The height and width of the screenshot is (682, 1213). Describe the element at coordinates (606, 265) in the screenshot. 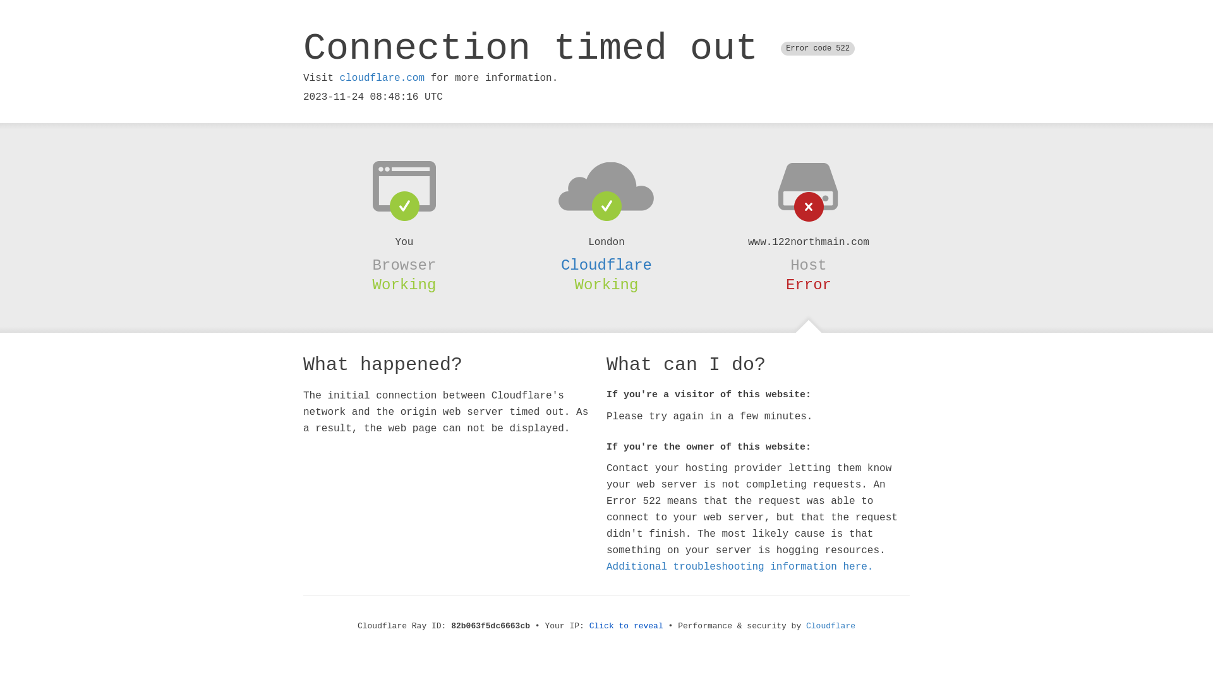

I see `'Cloudflare'` at that location.